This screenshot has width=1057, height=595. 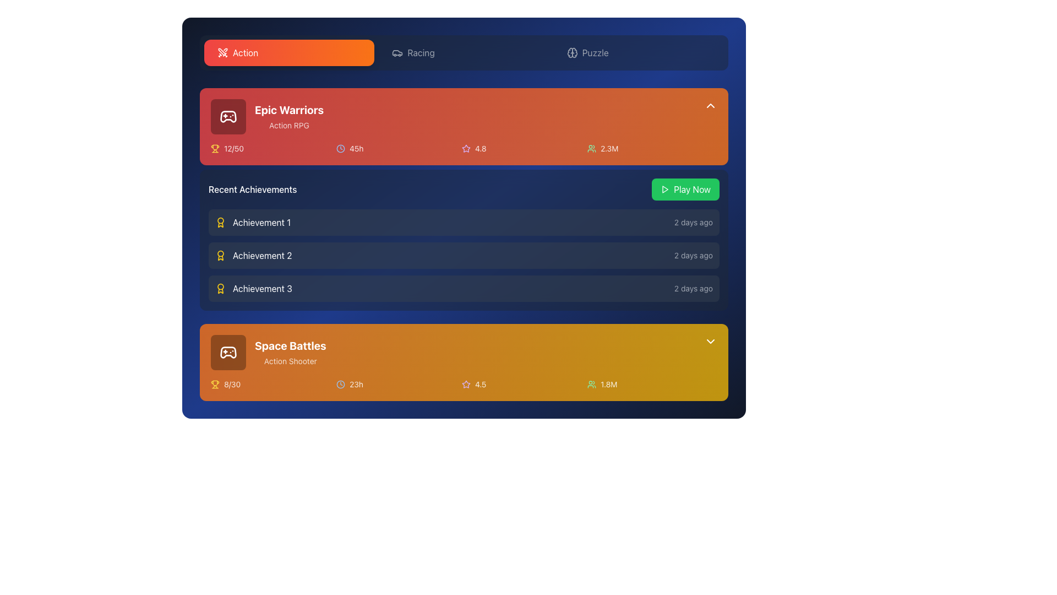 I want to click on the user-related statistics displayed in the top-right corner of the game information panel, specifically the text showing '2.3M' users engaged, so click(x=645, y=149).